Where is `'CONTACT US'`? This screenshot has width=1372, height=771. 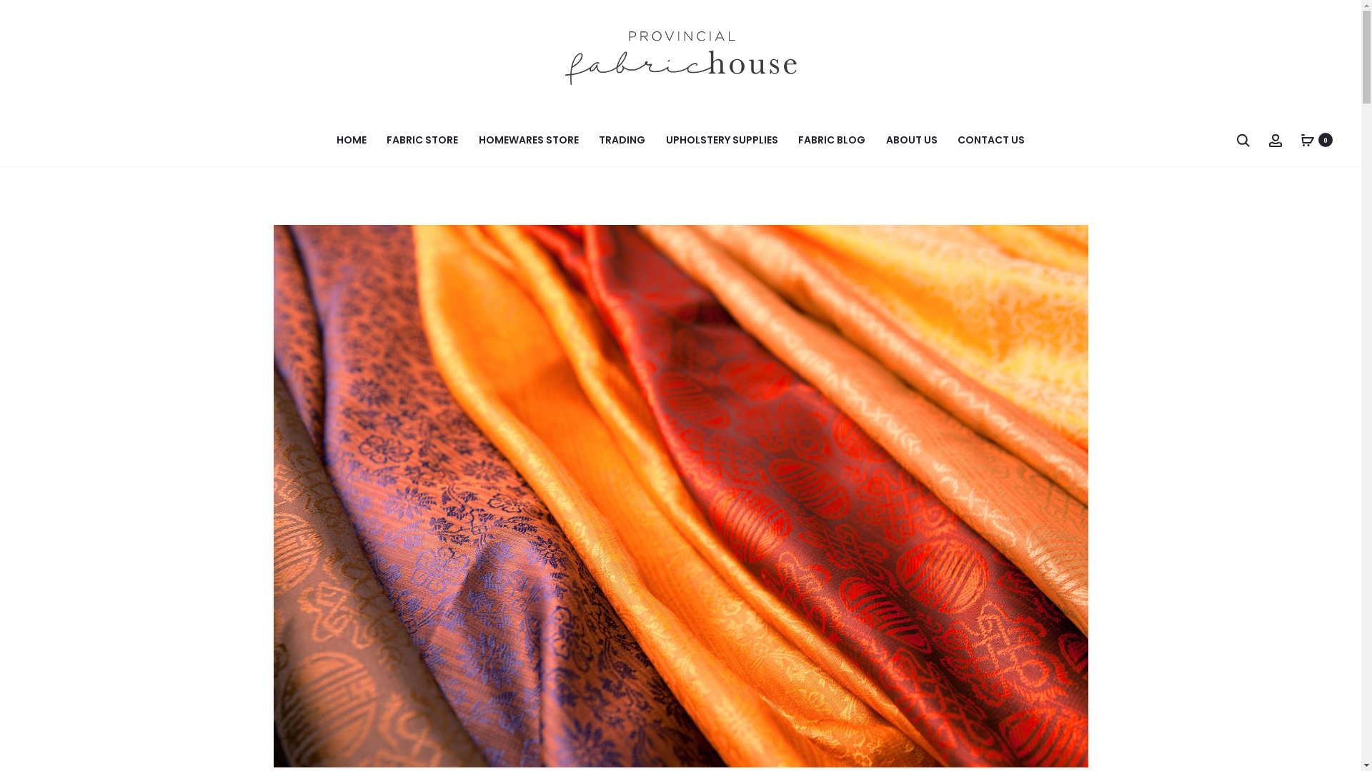 'CONTACT US' is located at coordinates (990, 140).